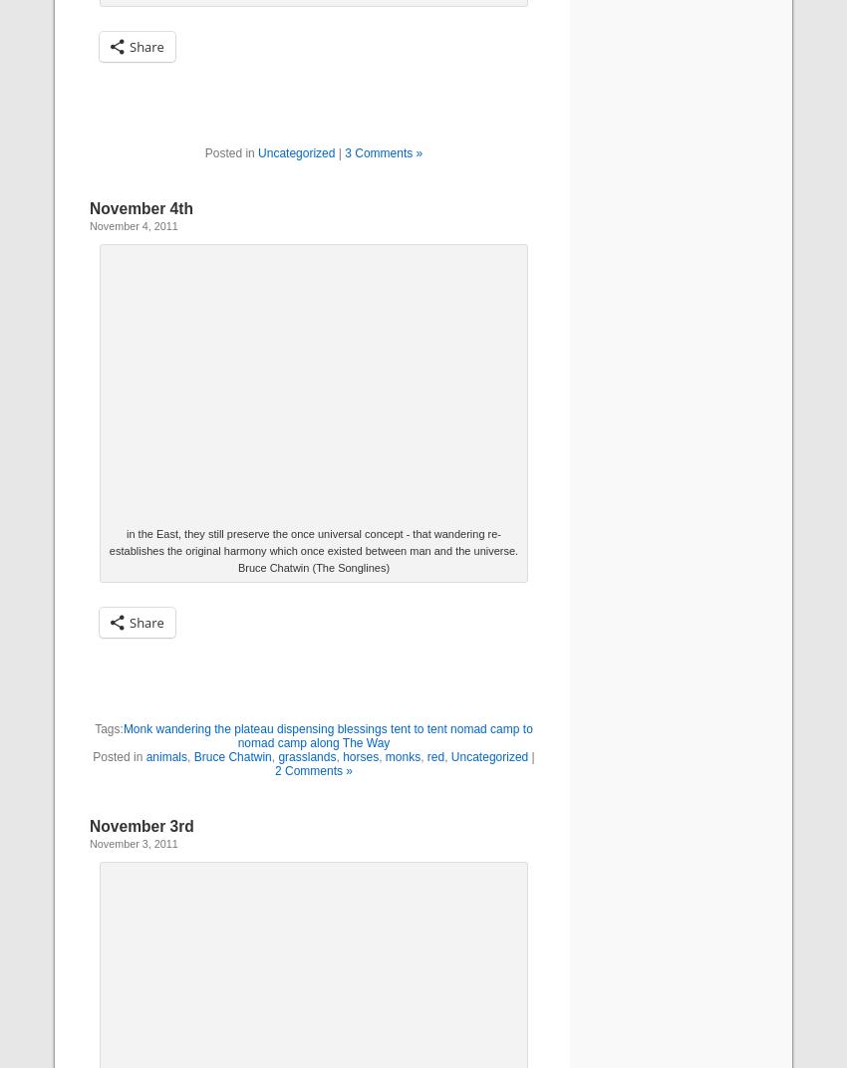  What do you see at coordinates (313, 550) in the screenshot?
I see `'in the East, they still preserve the once universal concept -  that wandering re-establishes the original harmony which once existed between man and the universe. Bruce Chatwin (The Songlines)'` at bounding box center [313, 550].